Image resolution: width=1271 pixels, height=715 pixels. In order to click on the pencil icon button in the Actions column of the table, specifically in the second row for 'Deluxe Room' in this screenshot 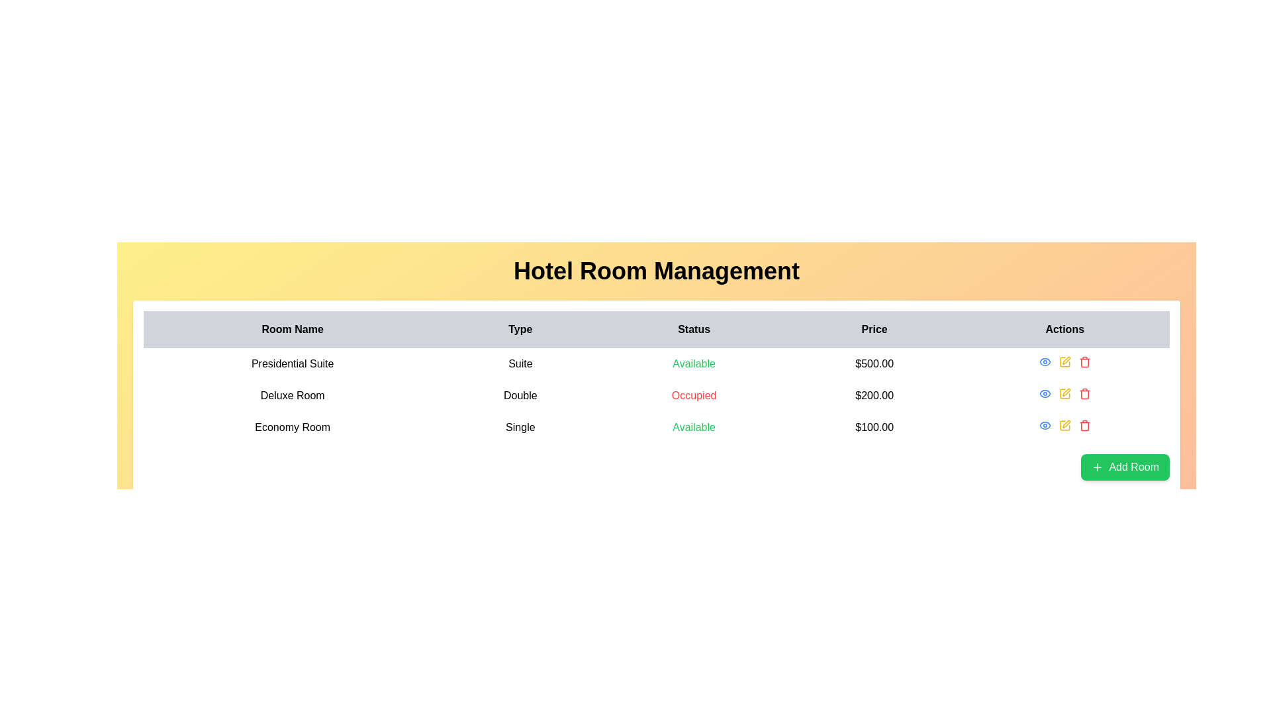, I will do `click(1065, 359)`.